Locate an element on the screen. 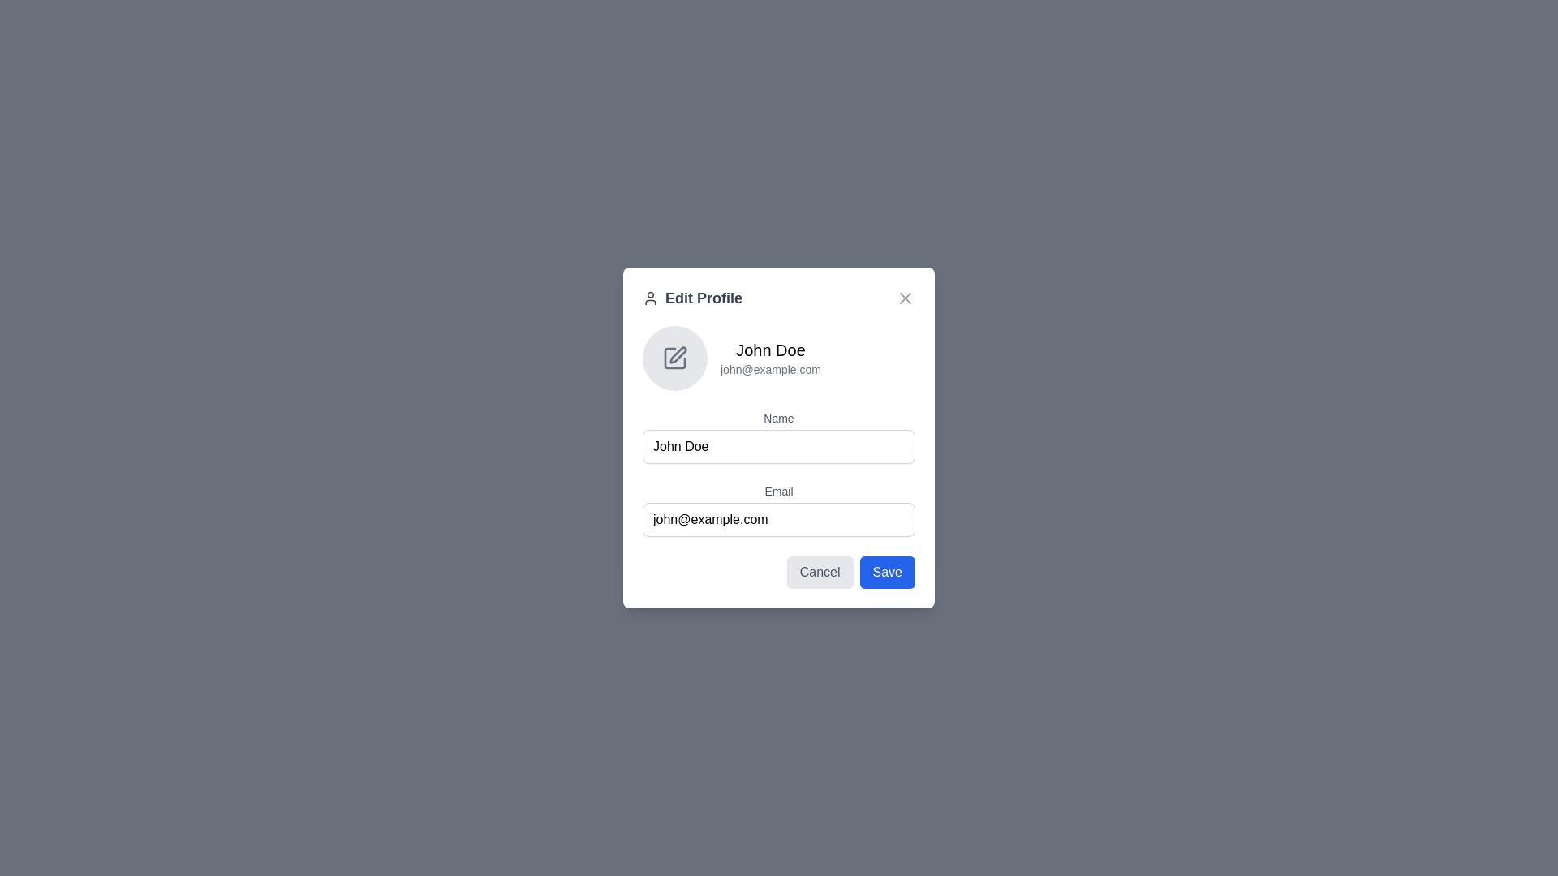  'Email' label text, which is a small, medium-weight, gray-colored text above the email input field in the modal dialog box is located at coordinates (779, 490).